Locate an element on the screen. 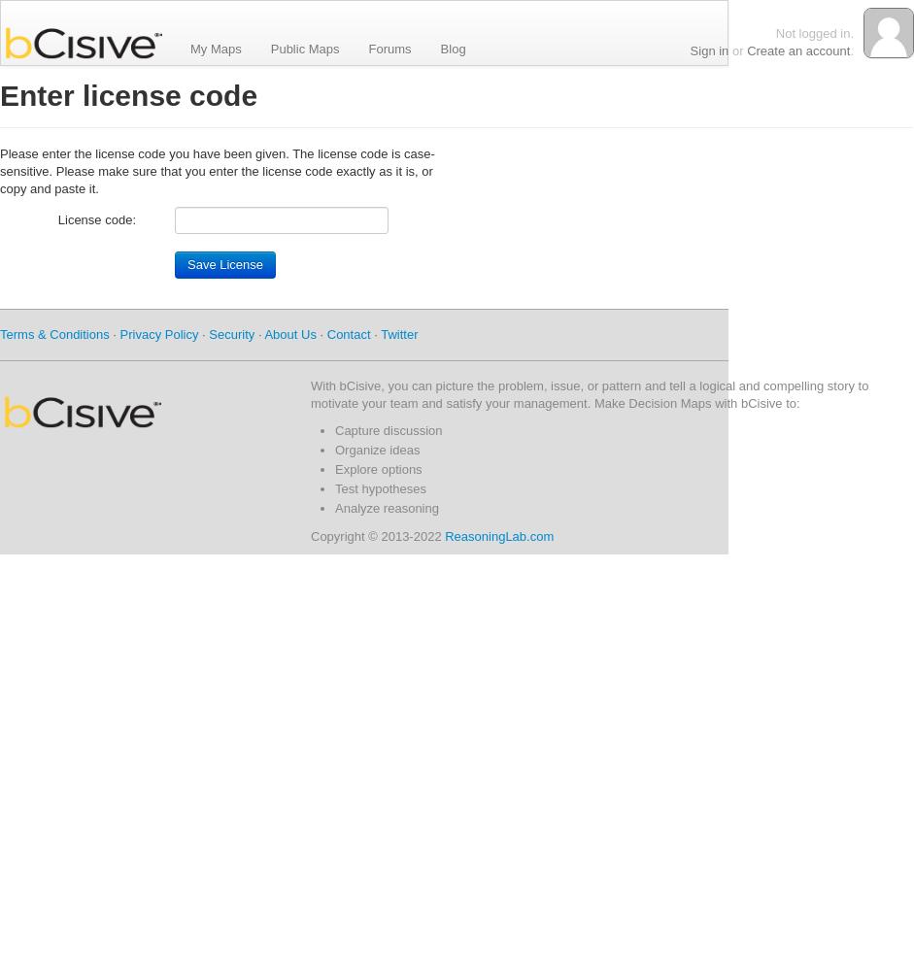  'Twitter' is located at coordinates (398, 333).